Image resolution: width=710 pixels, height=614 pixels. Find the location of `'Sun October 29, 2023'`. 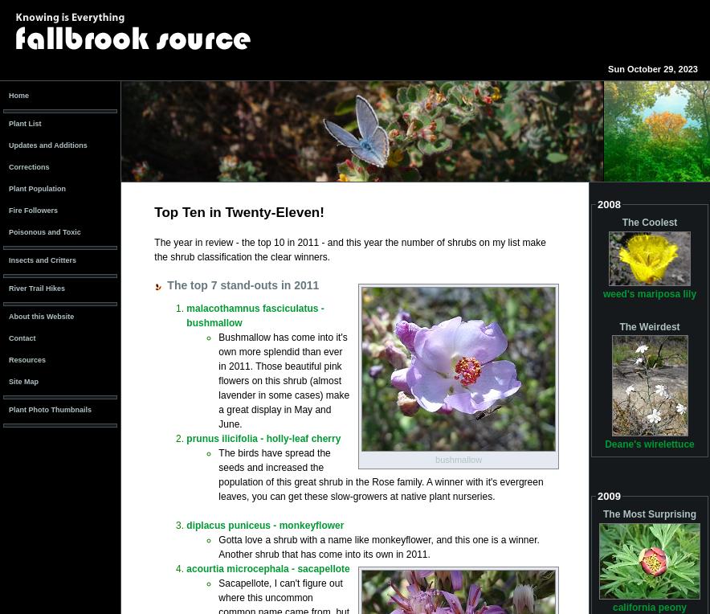

'Sun October 29, 2023' is located at coordinates (653, 69).